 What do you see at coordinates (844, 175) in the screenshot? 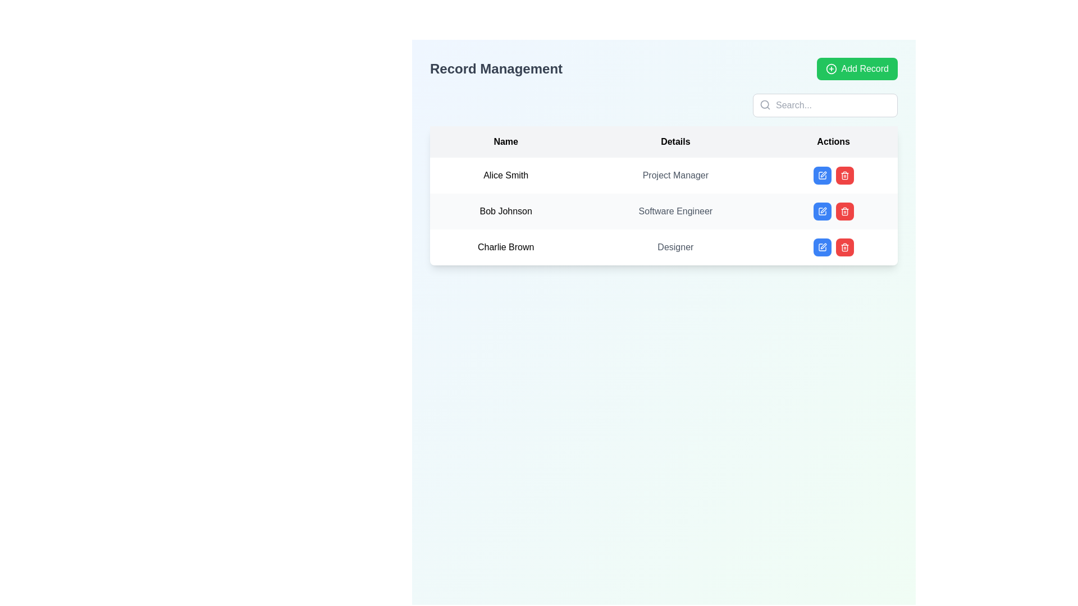
I see `the delete button with an icon located in the 'Actions' column of the first row in the table, to the right of the blue edit button` at bounding box center [844, 175].